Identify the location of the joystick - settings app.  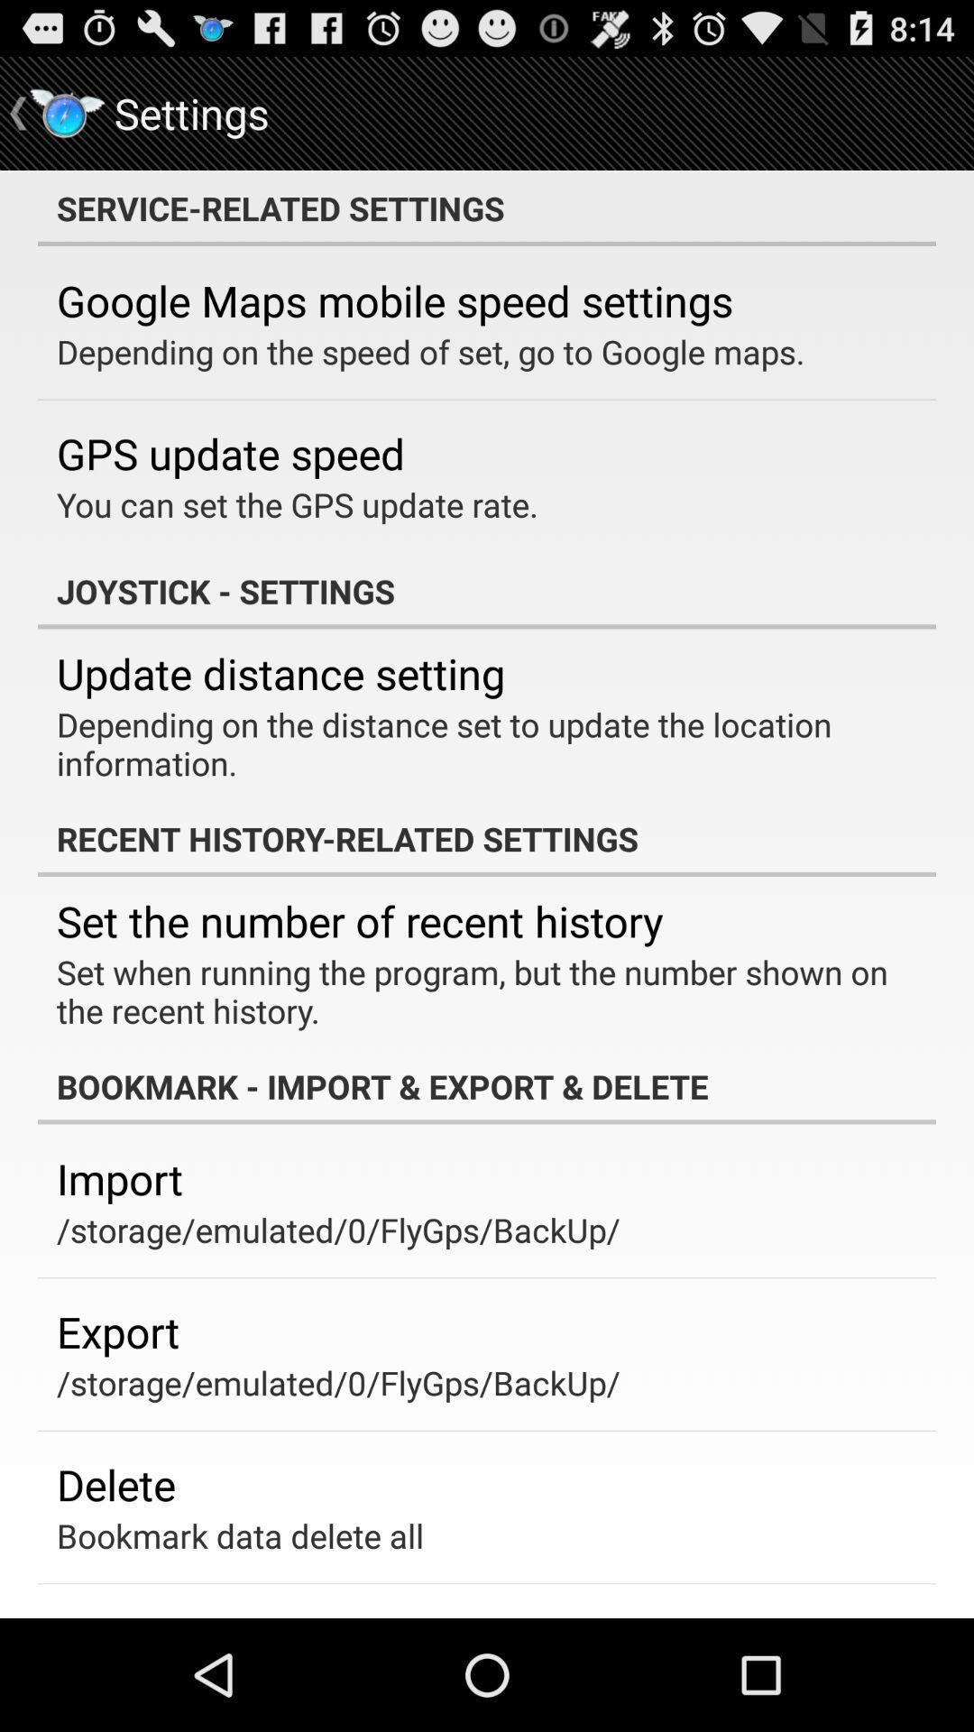
(487, 591).